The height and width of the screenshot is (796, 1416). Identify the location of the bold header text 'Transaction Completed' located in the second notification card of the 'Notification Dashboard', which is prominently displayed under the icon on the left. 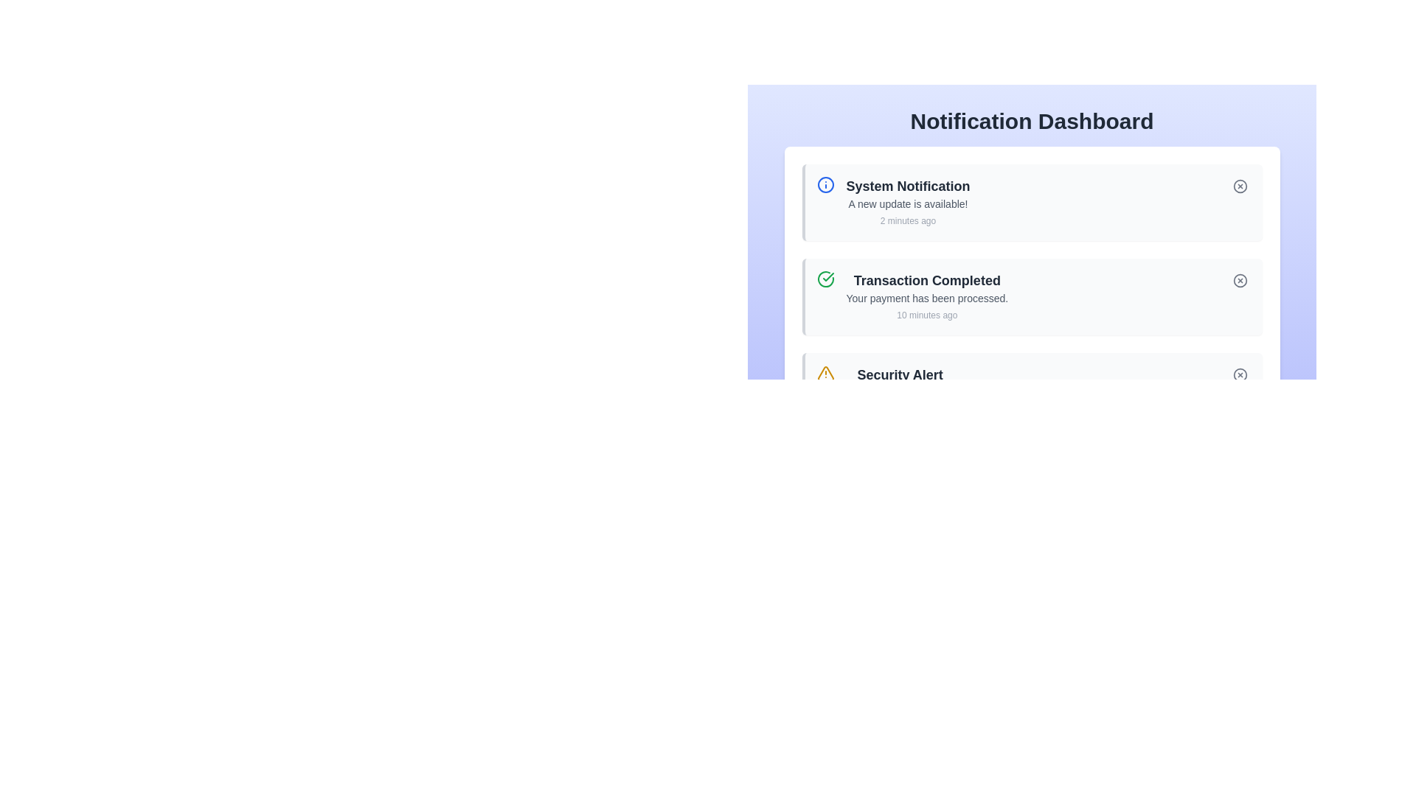
(926, 281).